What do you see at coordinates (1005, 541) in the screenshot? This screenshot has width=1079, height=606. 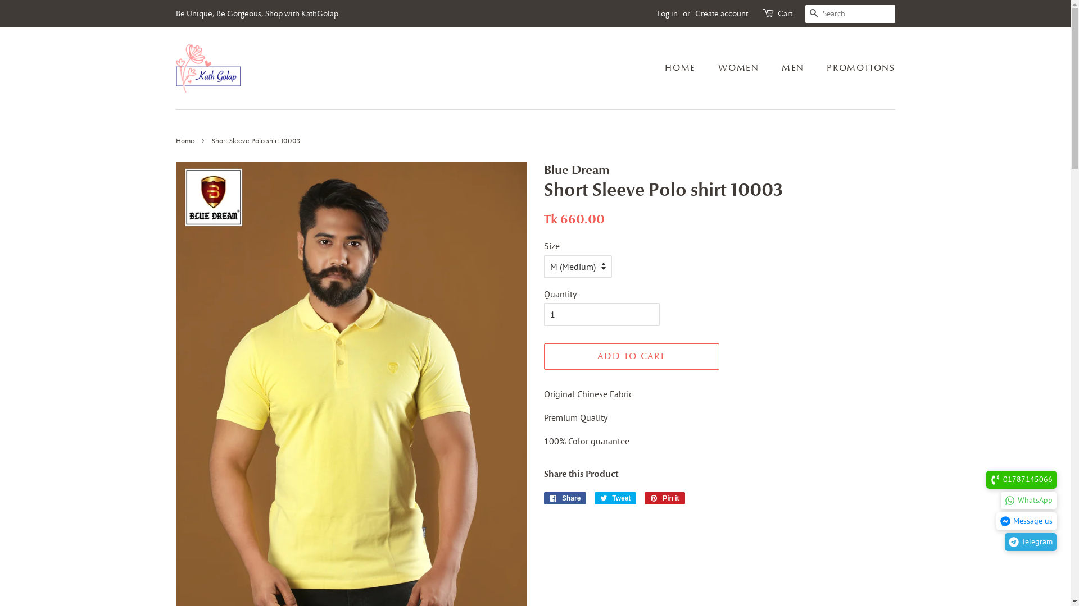 I see `'Telegram'` at bounding box center [1005, 541].